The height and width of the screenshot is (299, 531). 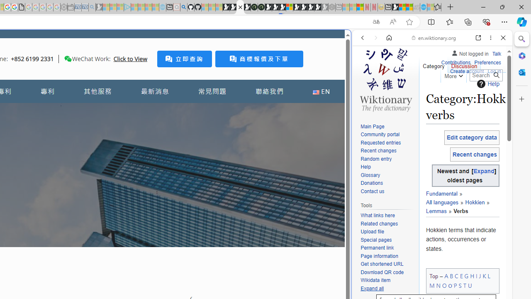 I want to click on 'Log in', so click(x=494, y=71).